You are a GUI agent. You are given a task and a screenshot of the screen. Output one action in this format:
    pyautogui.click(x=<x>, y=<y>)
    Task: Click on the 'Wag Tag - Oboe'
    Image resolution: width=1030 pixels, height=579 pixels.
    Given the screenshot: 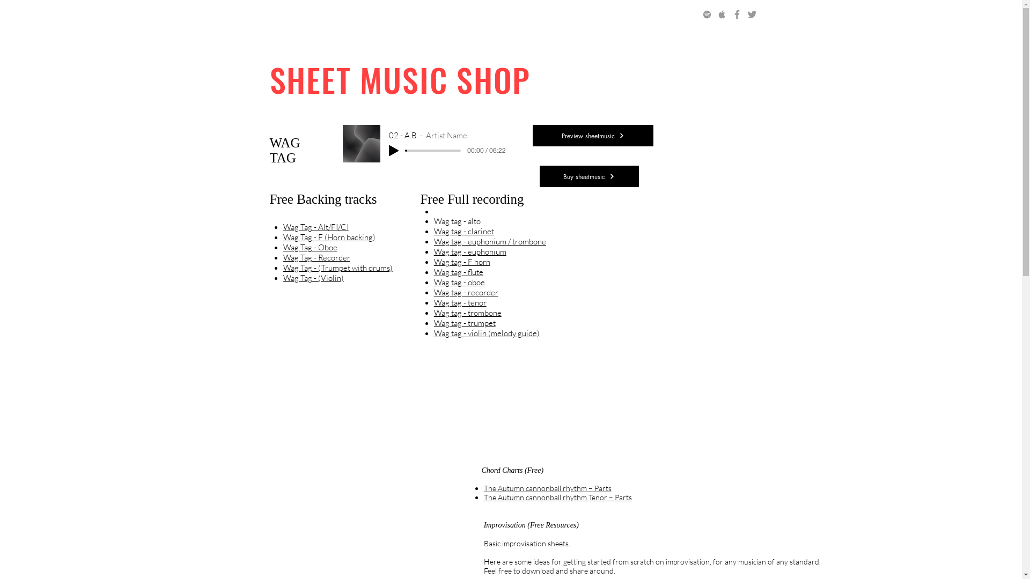 What is the action you would take?
    pyautogui.click(x=283, y=247)
    